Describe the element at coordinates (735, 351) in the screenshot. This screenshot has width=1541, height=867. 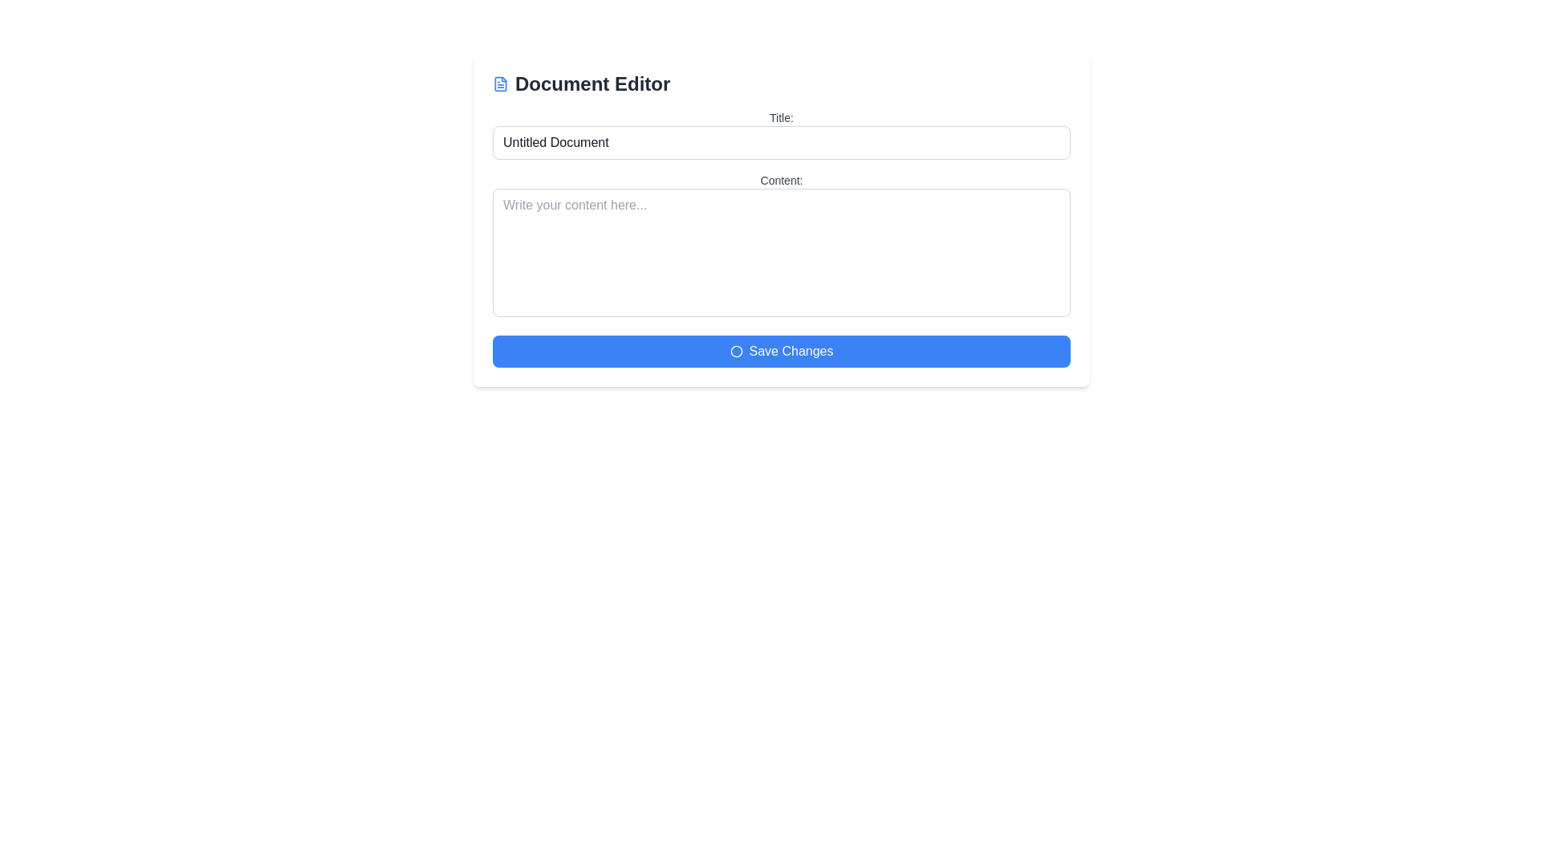
I see `the button labeled 'Save Changes' by clicking on the circular icon with a blue border situated to its left` at that location.